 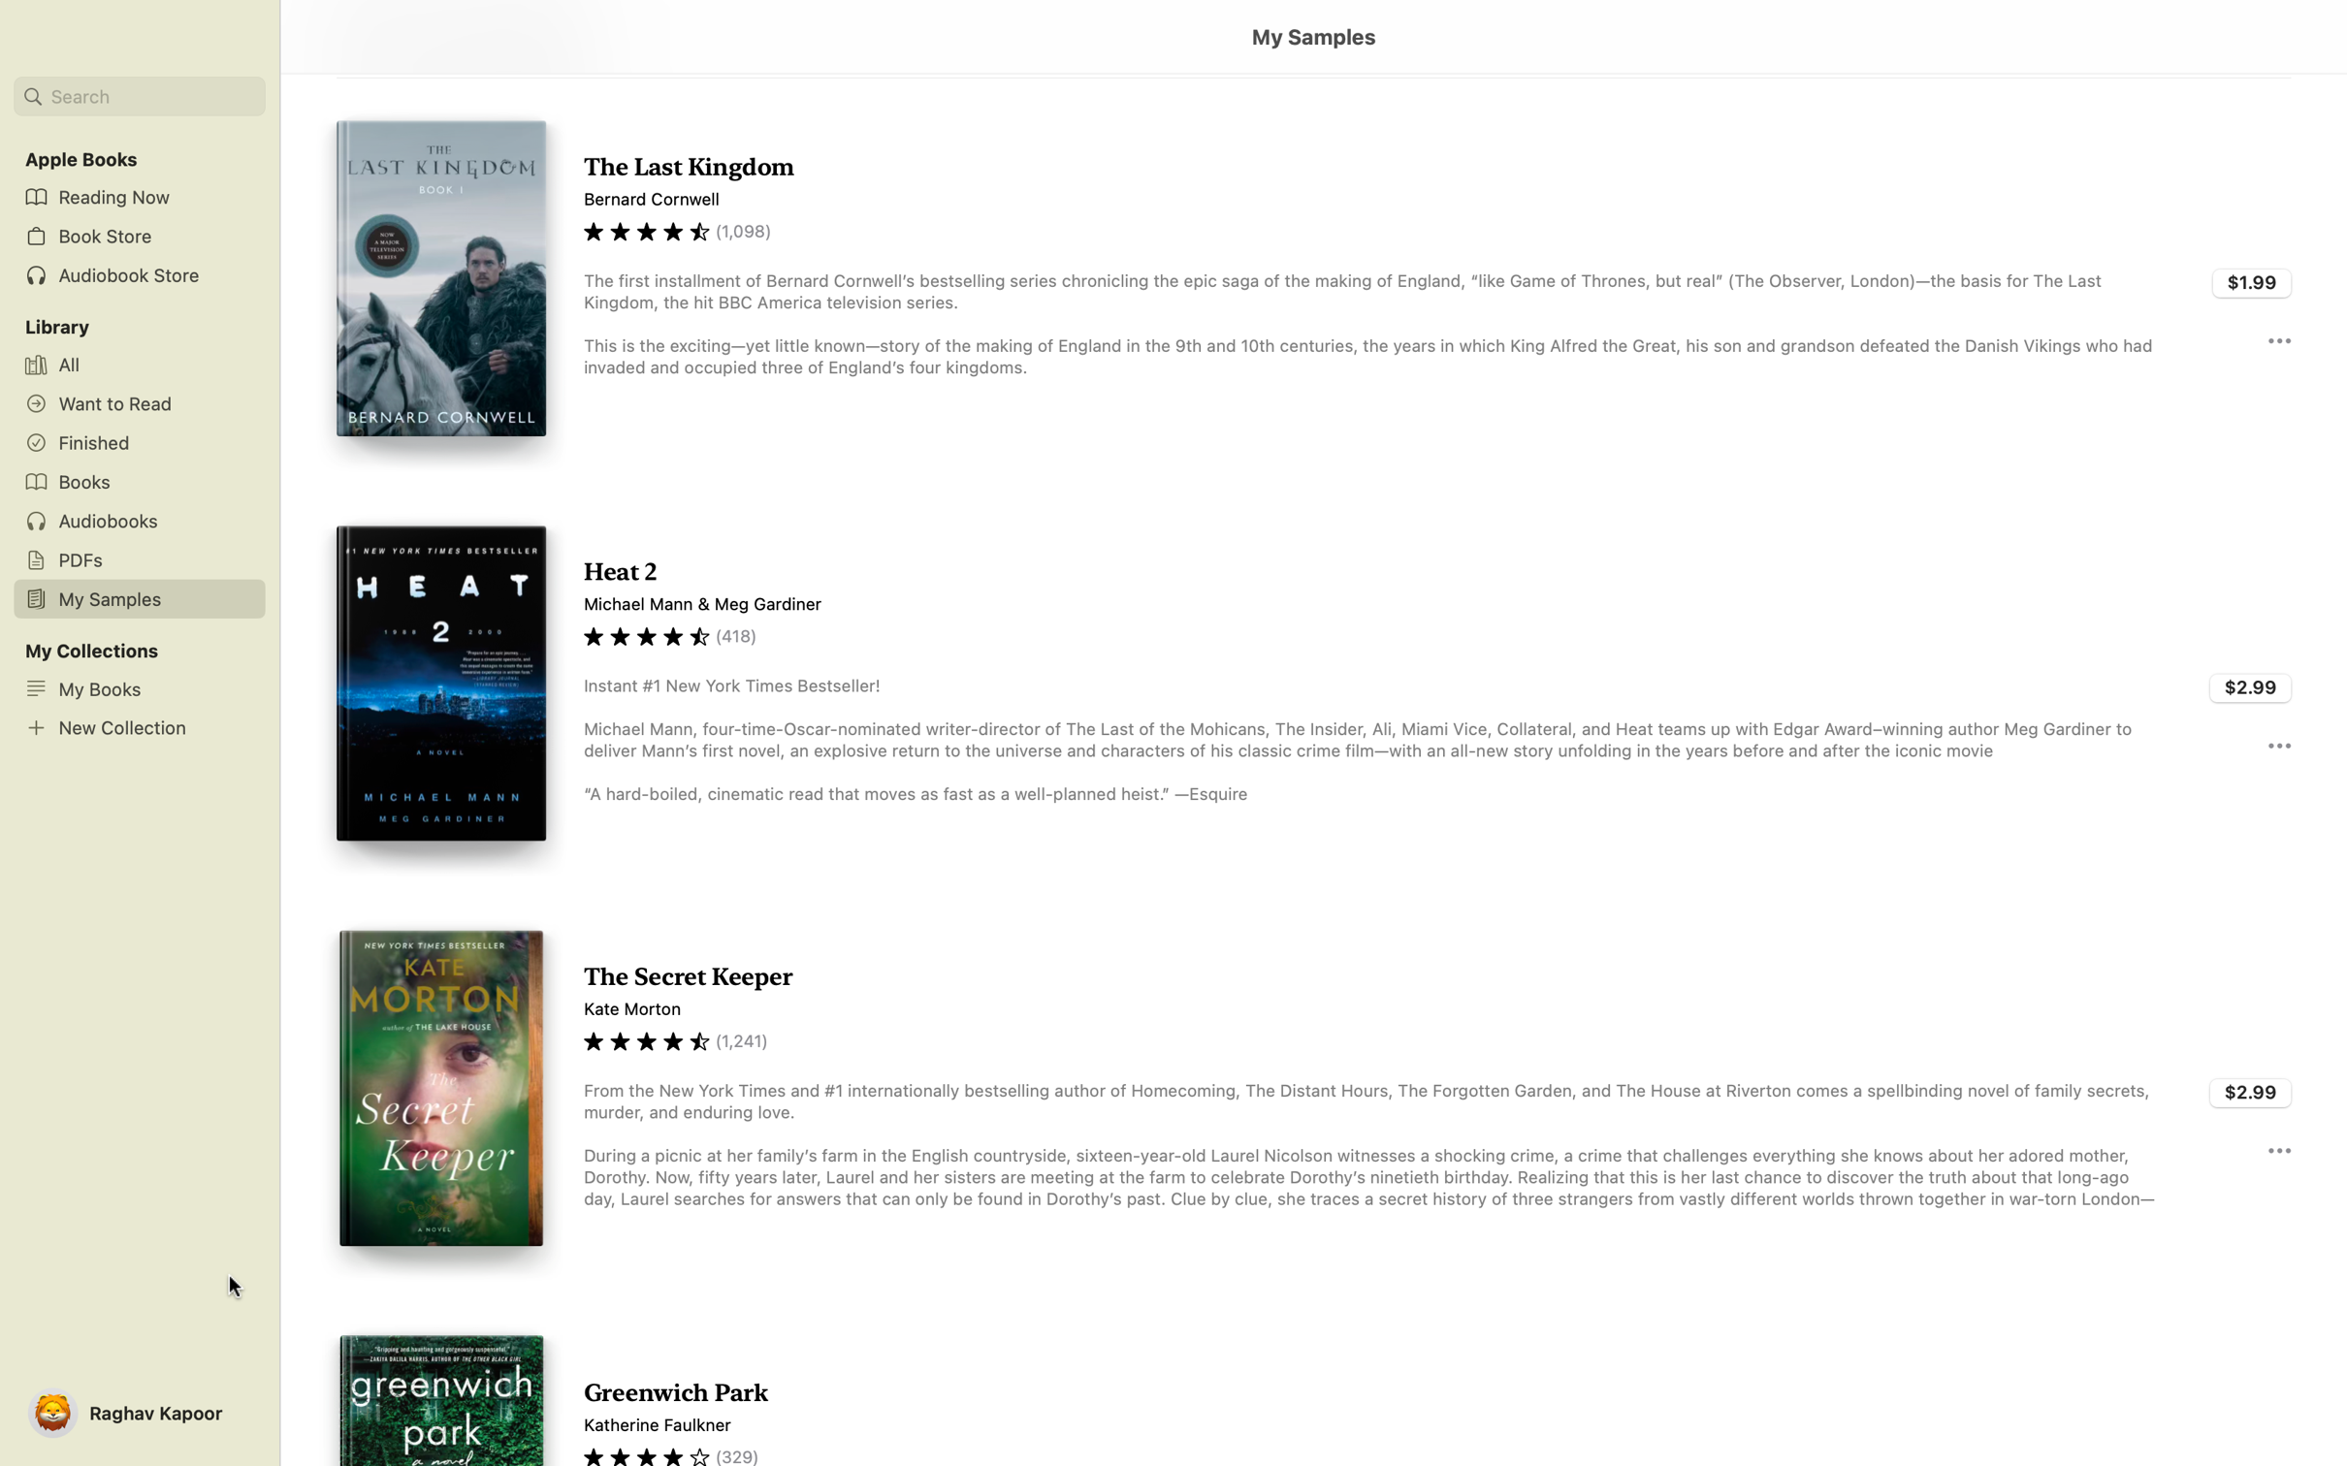 I want to click on Run a double click action on "read_heat_2, so click(x=1312, y=691).